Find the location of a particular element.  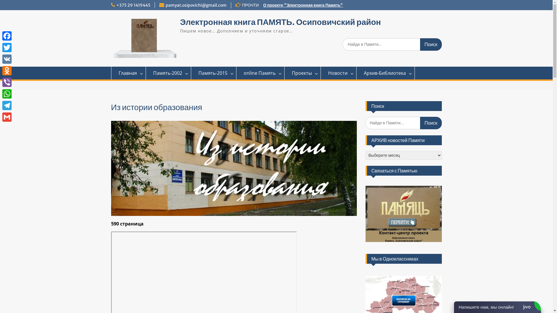

'Twitter' is located at coordinates (7, 47).